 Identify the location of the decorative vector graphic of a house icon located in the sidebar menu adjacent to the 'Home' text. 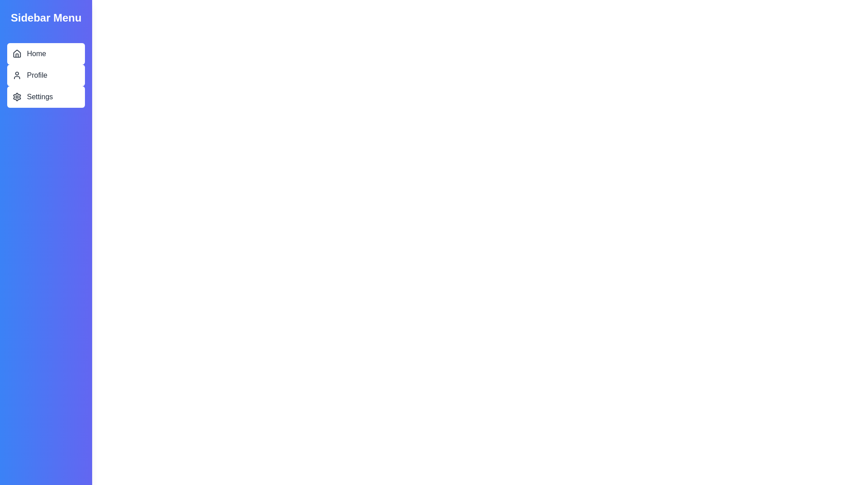
(17, 53).